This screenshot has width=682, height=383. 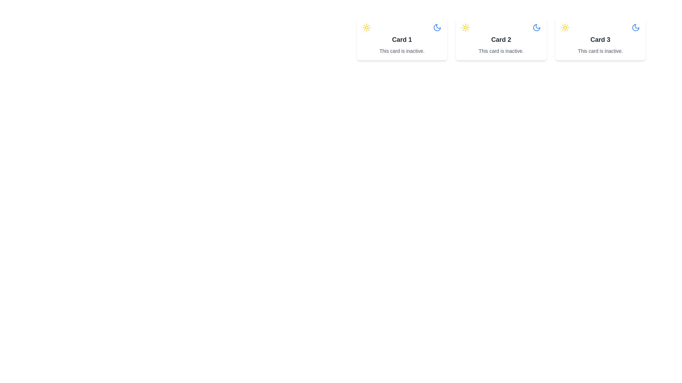 I want to click on the status message text indicating the card's inactivity, which is located at the bottom of 'Card 3', so click(x=600, y=50).